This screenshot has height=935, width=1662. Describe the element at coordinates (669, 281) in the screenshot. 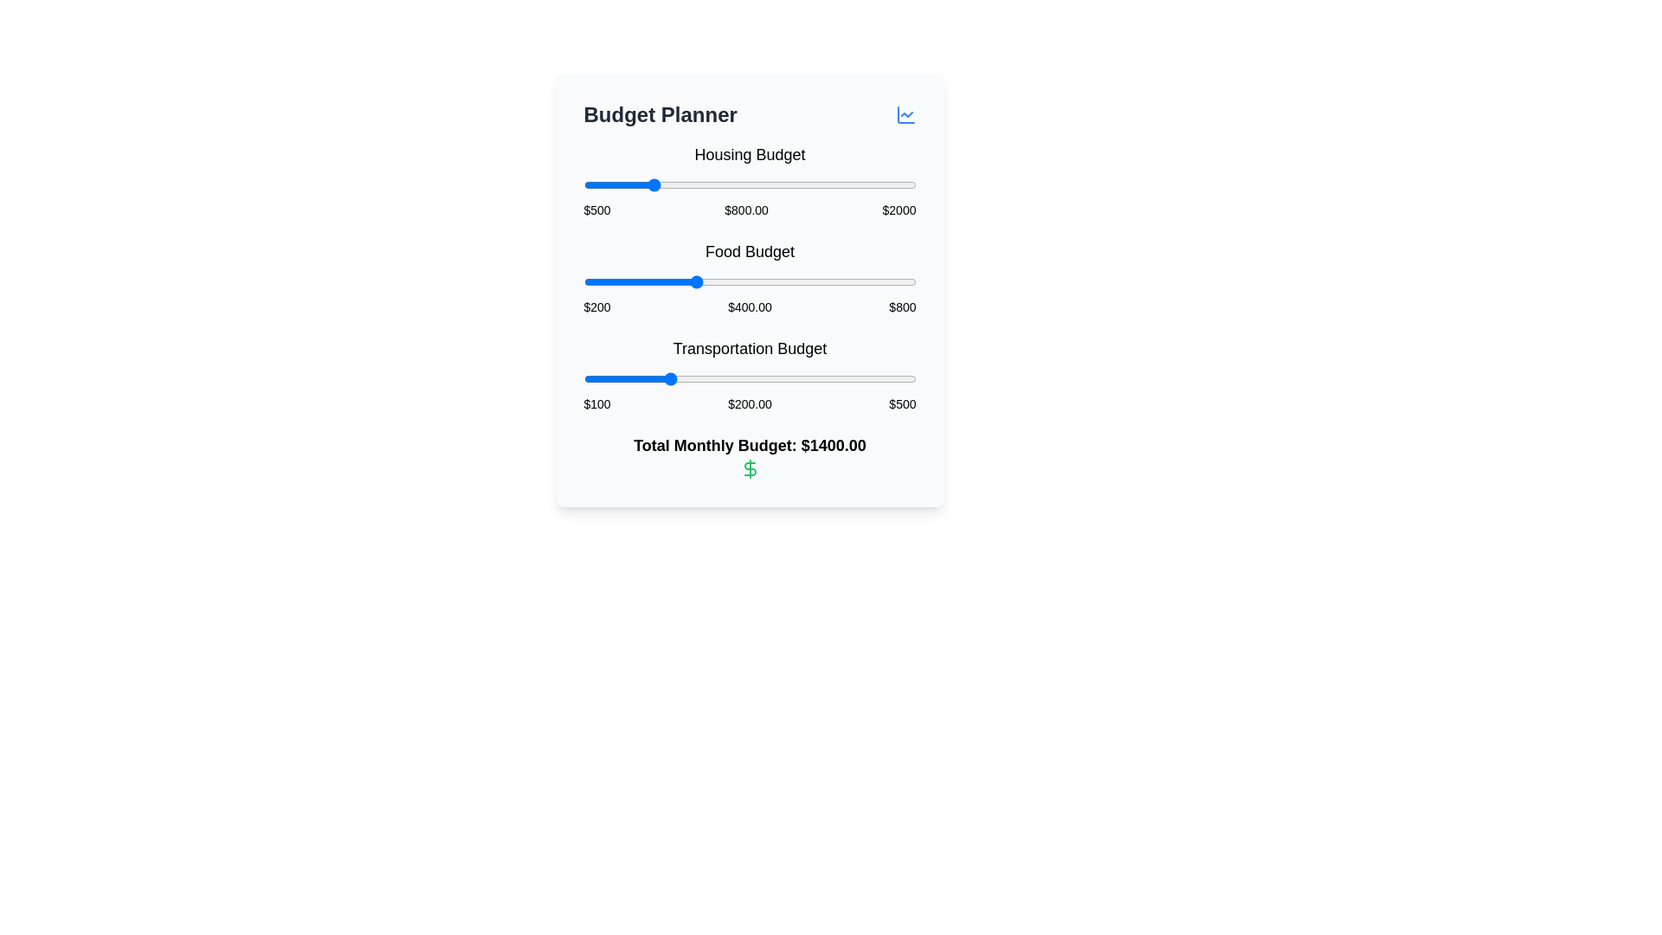

I see `the Food Budget slider` at that location.